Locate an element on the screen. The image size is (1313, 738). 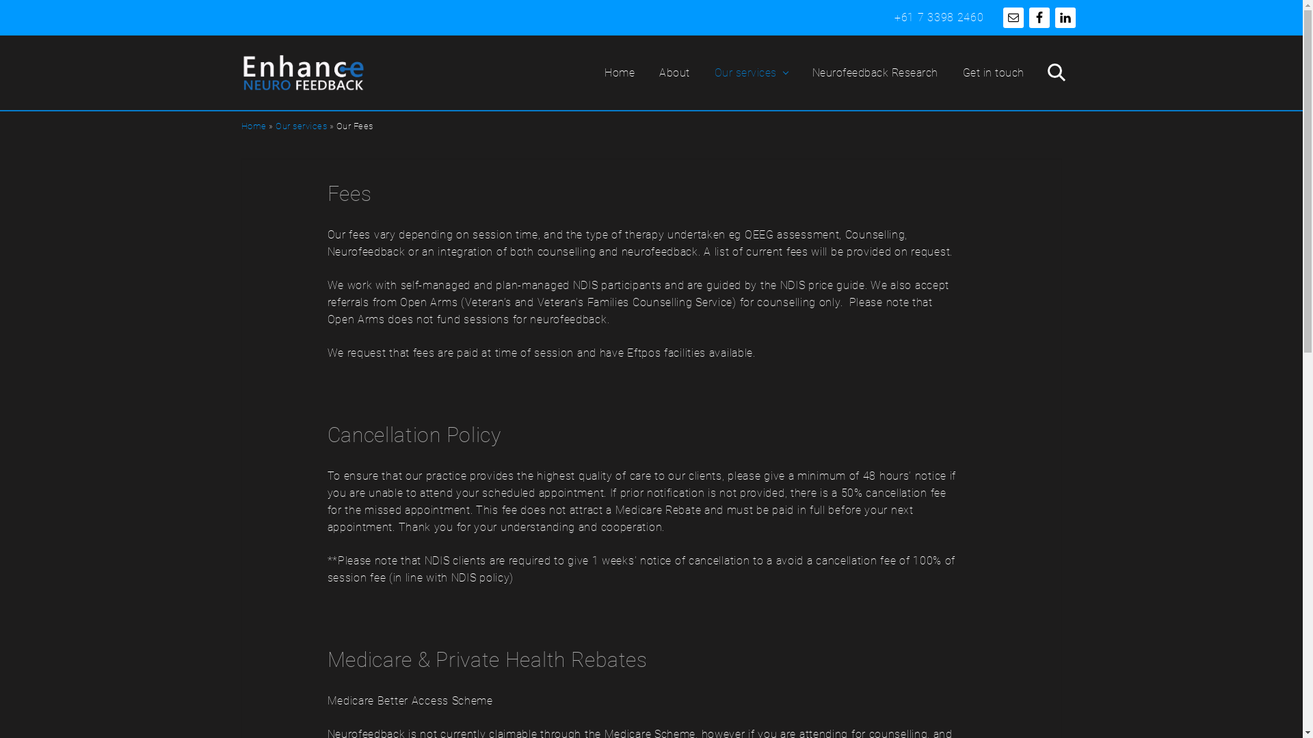
'Email' is located at coordinates (1013, 18).